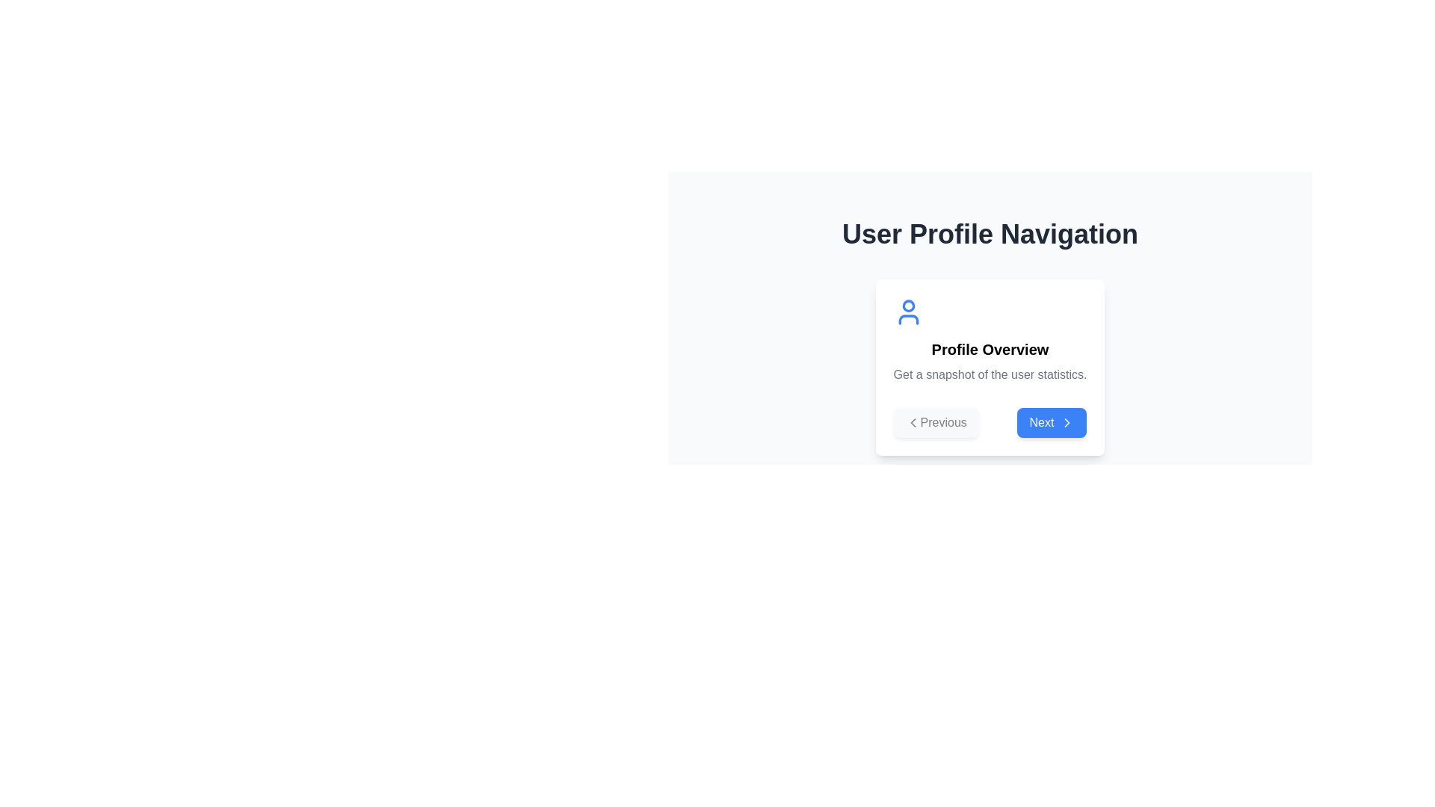  I want to click on the 'Previous' button with a left-facing chevron icon, which is located in the navigation section of the 'Profile Overview' card, so click(935, 423).